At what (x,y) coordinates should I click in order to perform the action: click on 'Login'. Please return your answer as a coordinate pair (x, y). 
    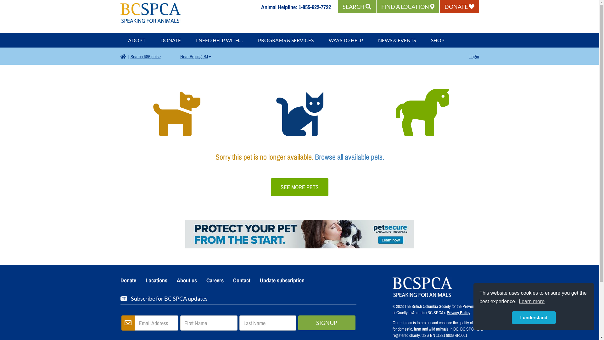
    Looking at the image, I should click on (469, 56).